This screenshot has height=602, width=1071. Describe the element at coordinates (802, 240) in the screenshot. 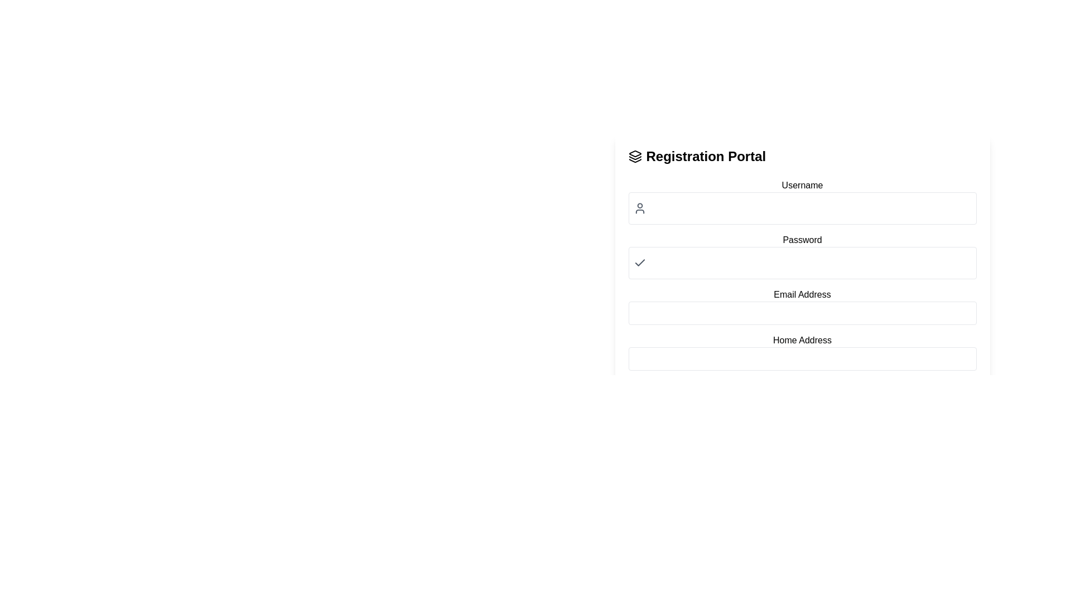

I see `the label that identifies the password input field to focus the associated input field` at that location.